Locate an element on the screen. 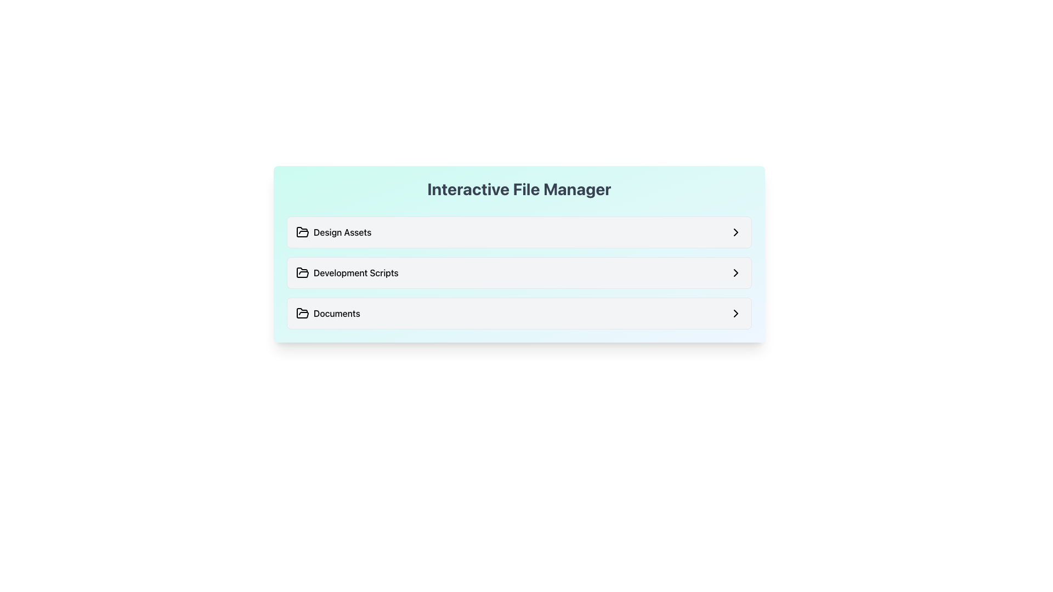  the 'Design Assets' label element in the file manager interface is located at coordinates (333, 232).